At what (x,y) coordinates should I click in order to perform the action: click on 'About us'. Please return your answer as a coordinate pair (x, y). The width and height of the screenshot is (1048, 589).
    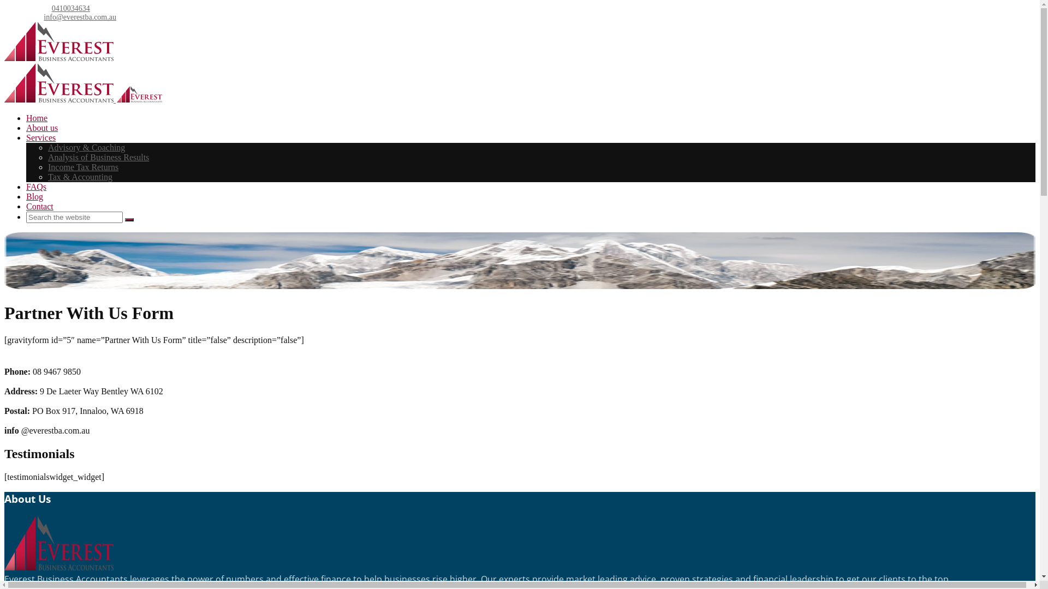
    Looking at the image, I should click on (41, 127).